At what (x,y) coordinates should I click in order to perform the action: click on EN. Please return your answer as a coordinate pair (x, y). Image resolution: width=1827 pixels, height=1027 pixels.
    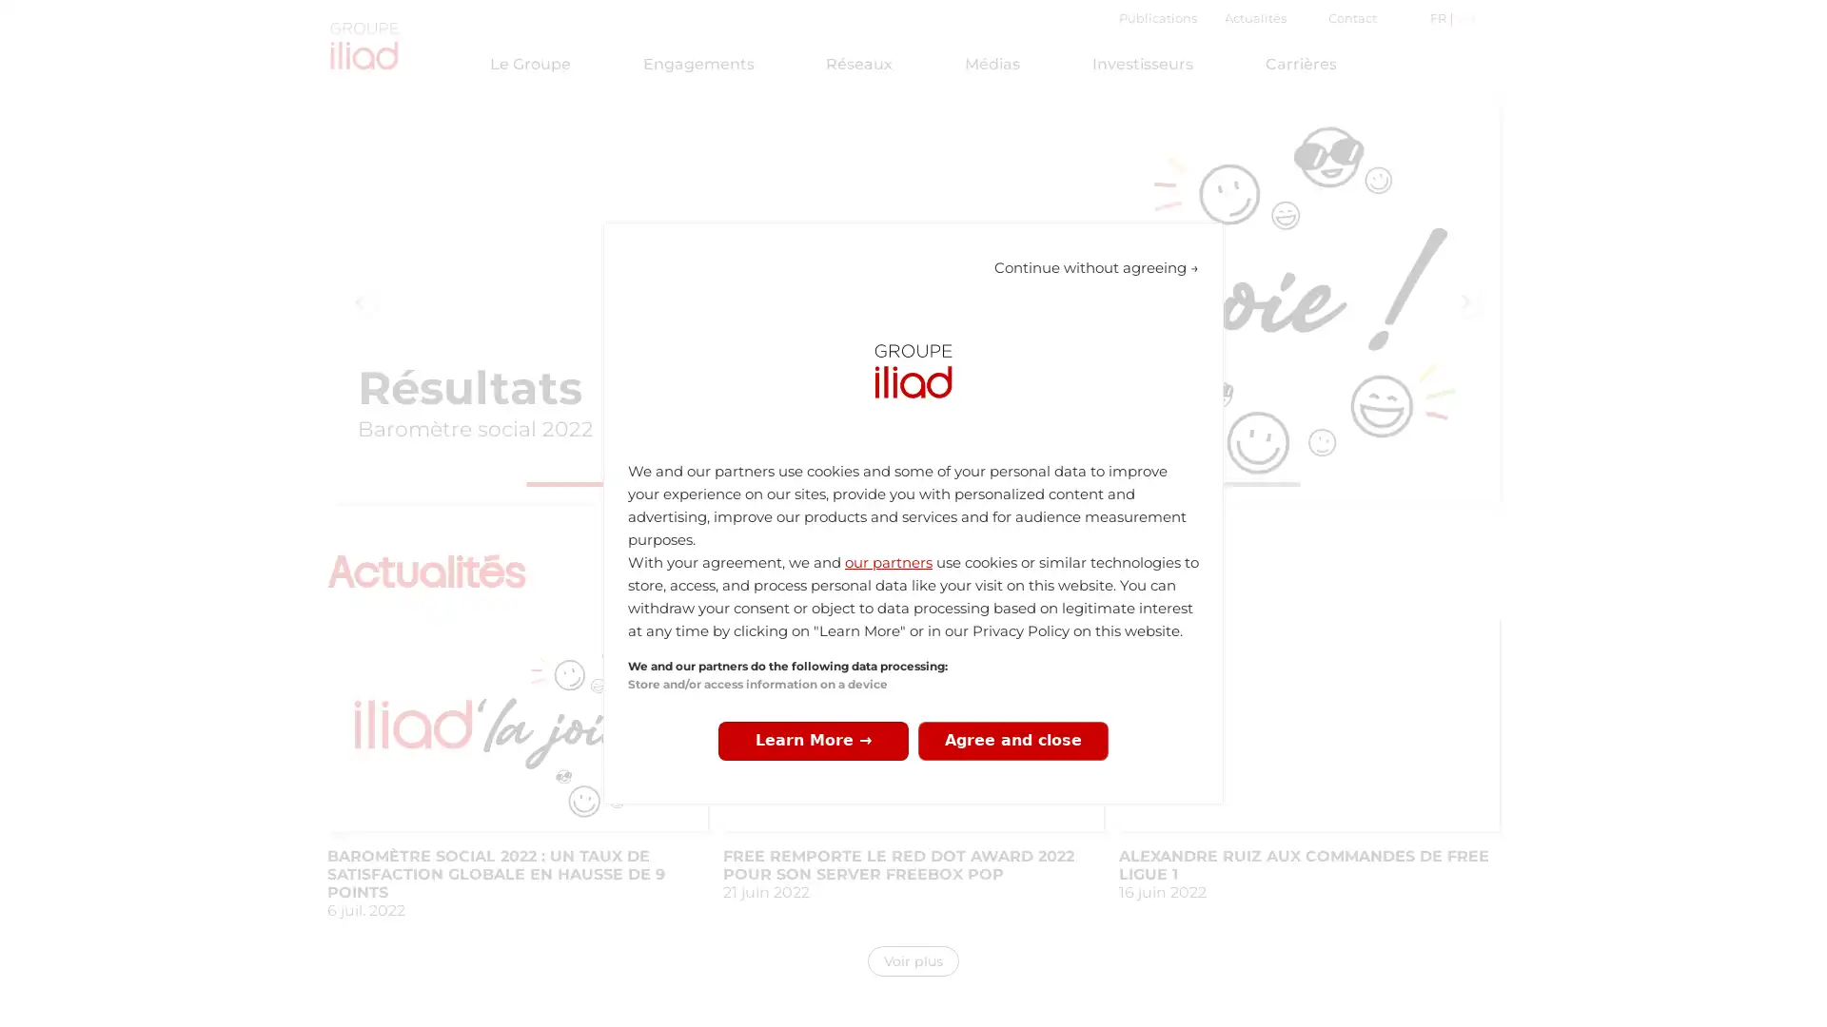
    Looking at the image, I should click on (1462, 18).